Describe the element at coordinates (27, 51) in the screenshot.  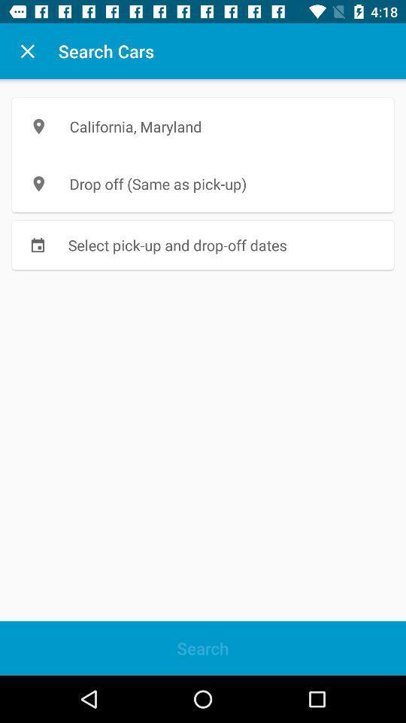
I see `the item to the left of search cars` at that location.